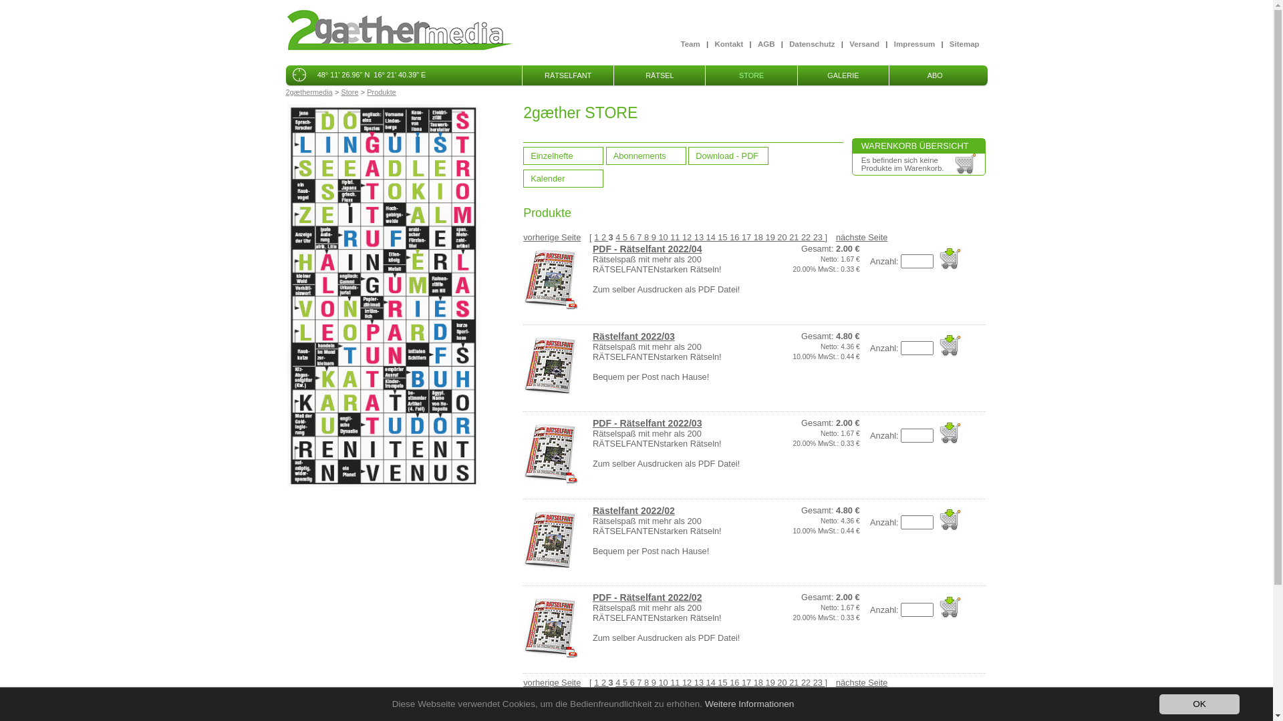 The height and width of the screenshot is (721, 1283). I want to click on 'Artikel in den Warenkorb legen', so click(949, 259).